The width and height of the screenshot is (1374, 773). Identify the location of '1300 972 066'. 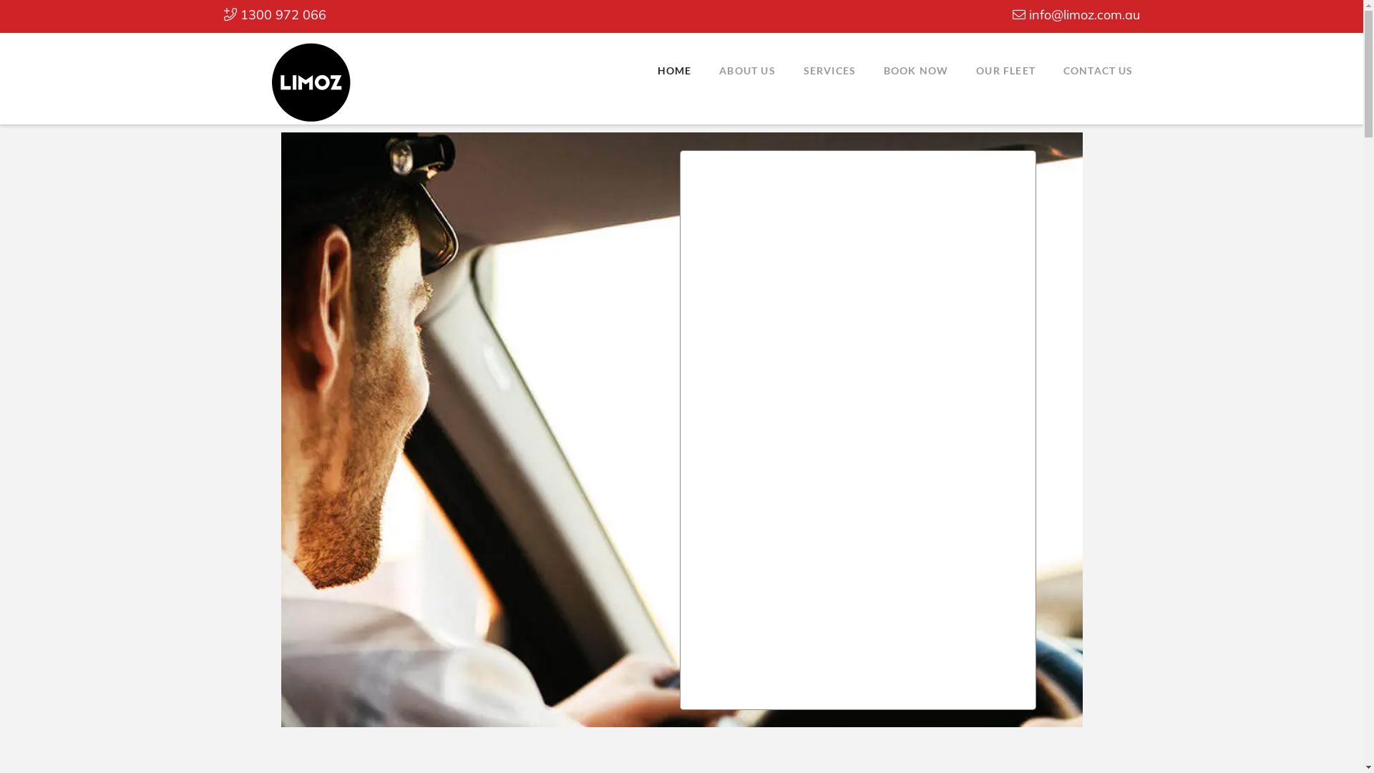
(274, 14).